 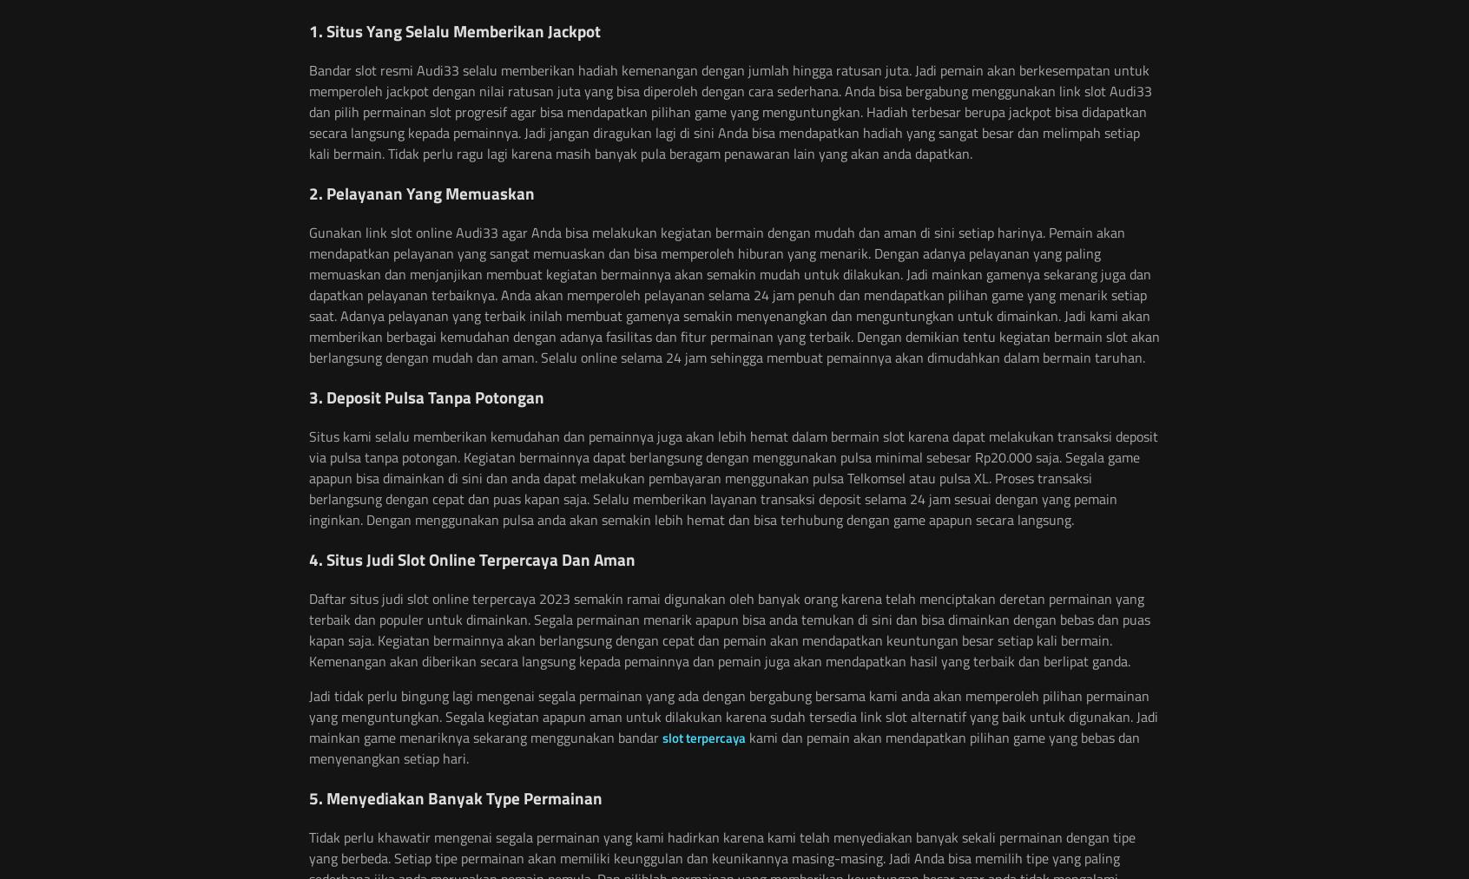 I want to click on 'Daftar situs judi slot online terpercaya 2023 semakin ramai digunakan oleh banyak orang karena telah menciptakan deretan permainan yang terbaik dan populer untuk dimainkan. Segala permainan menarik apapun bisa anda temukan di sini dan bisa dimainkan dengan bebas dan puas kapan saja. Kegiatan bermainnya akan berlangsung dengan cepat dan pemain akan mendapatkan keuntungan besar setiap kali bermain. Kemenangan akan diberikan secara langsung kepada pemainnya dan pemain juga akan mendapatkan hasil yang terbaik dan berlipat ganda.', so click(x=729, y=630).